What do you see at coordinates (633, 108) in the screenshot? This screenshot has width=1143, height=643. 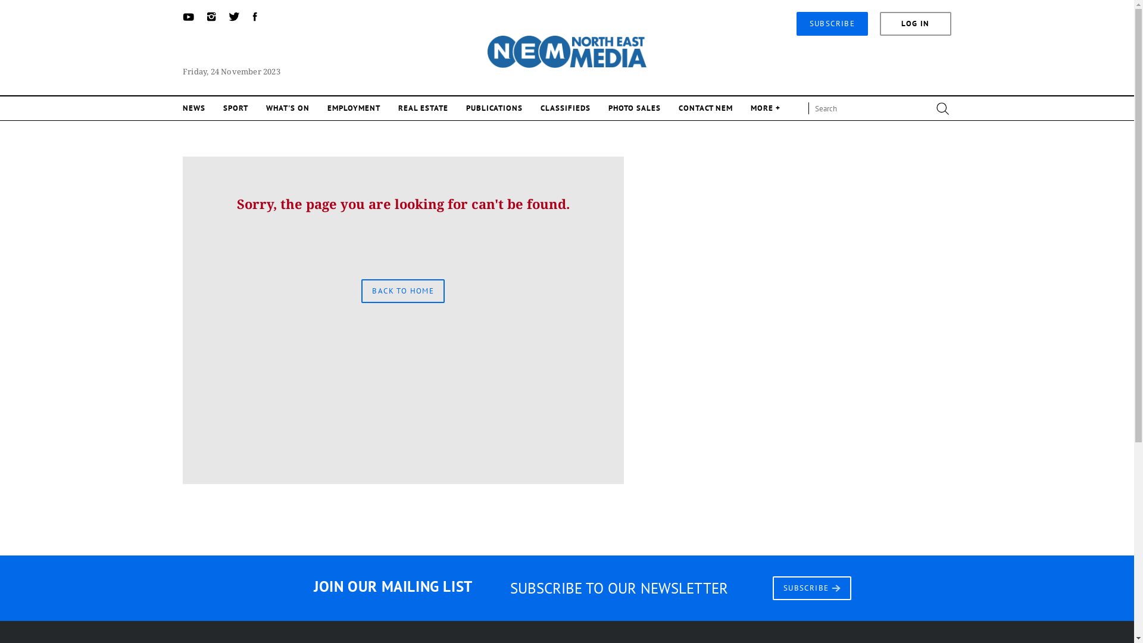 I see `'PHOTO SALES'` at bounding box center [633, 108].